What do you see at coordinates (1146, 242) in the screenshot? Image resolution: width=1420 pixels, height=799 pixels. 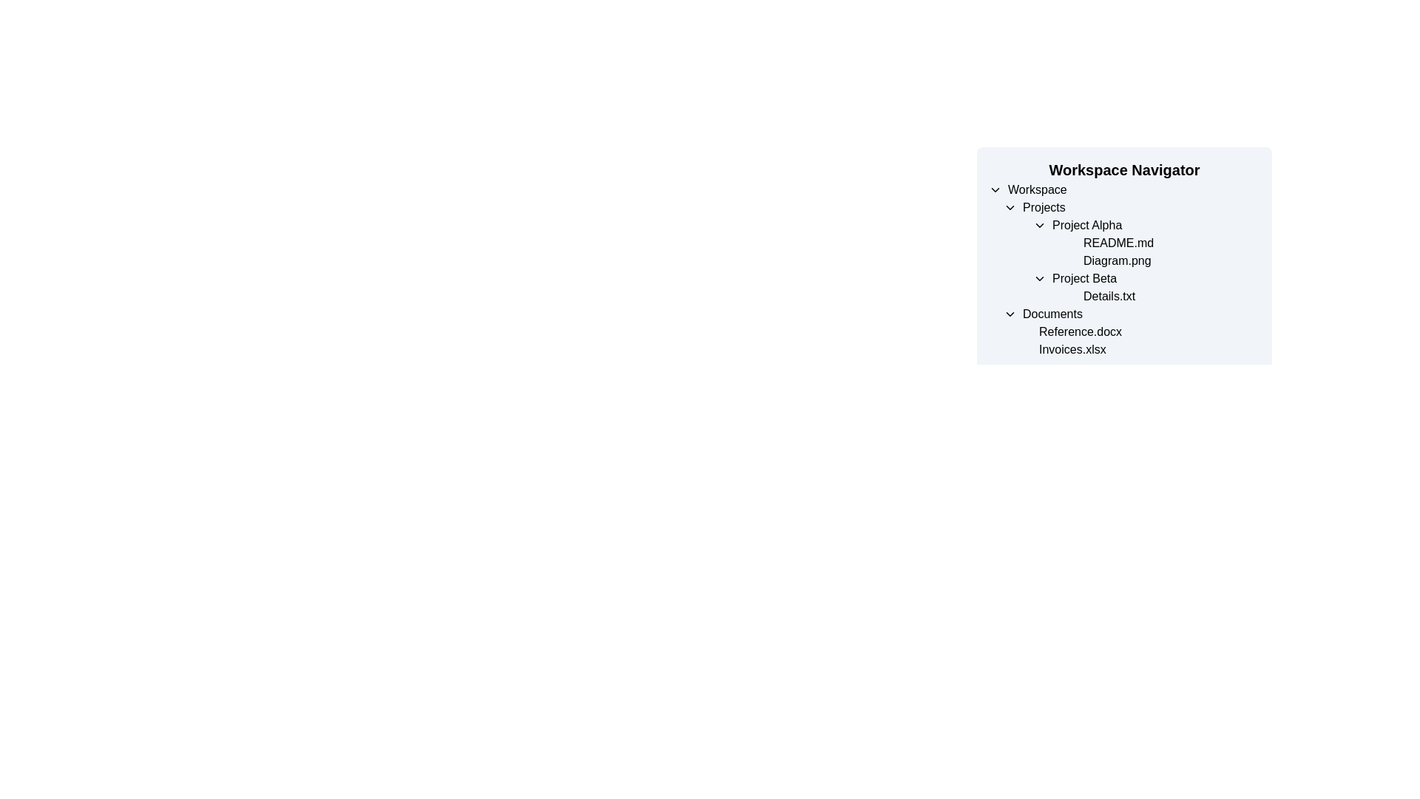 I see `the text label for the file 'README.md' located under the 'Project Alpha' folder` at bounding box center [1146, 242].